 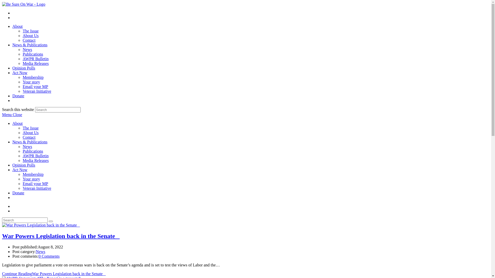 I want to click on 'Contact', so click(x=29, y=40).